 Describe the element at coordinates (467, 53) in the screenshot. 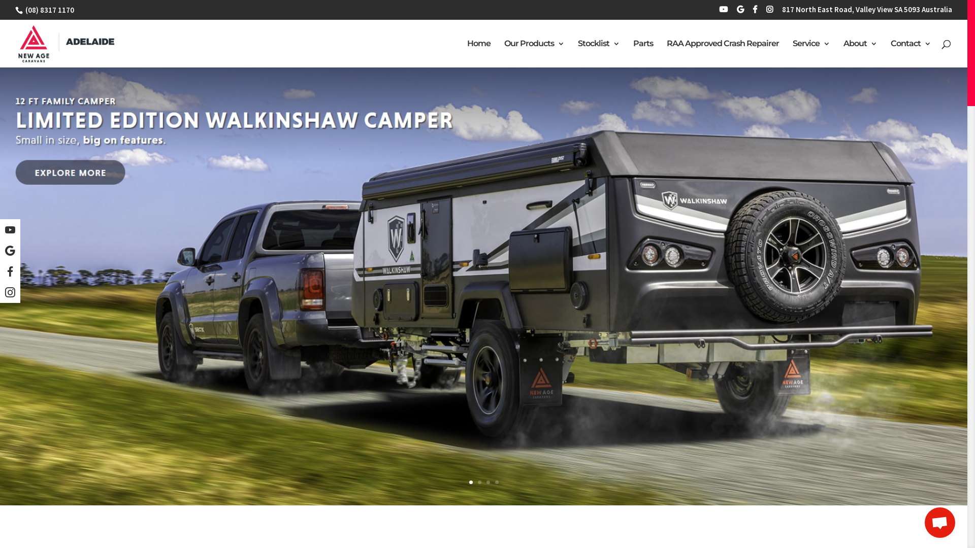

I see `'Home'` at that location.